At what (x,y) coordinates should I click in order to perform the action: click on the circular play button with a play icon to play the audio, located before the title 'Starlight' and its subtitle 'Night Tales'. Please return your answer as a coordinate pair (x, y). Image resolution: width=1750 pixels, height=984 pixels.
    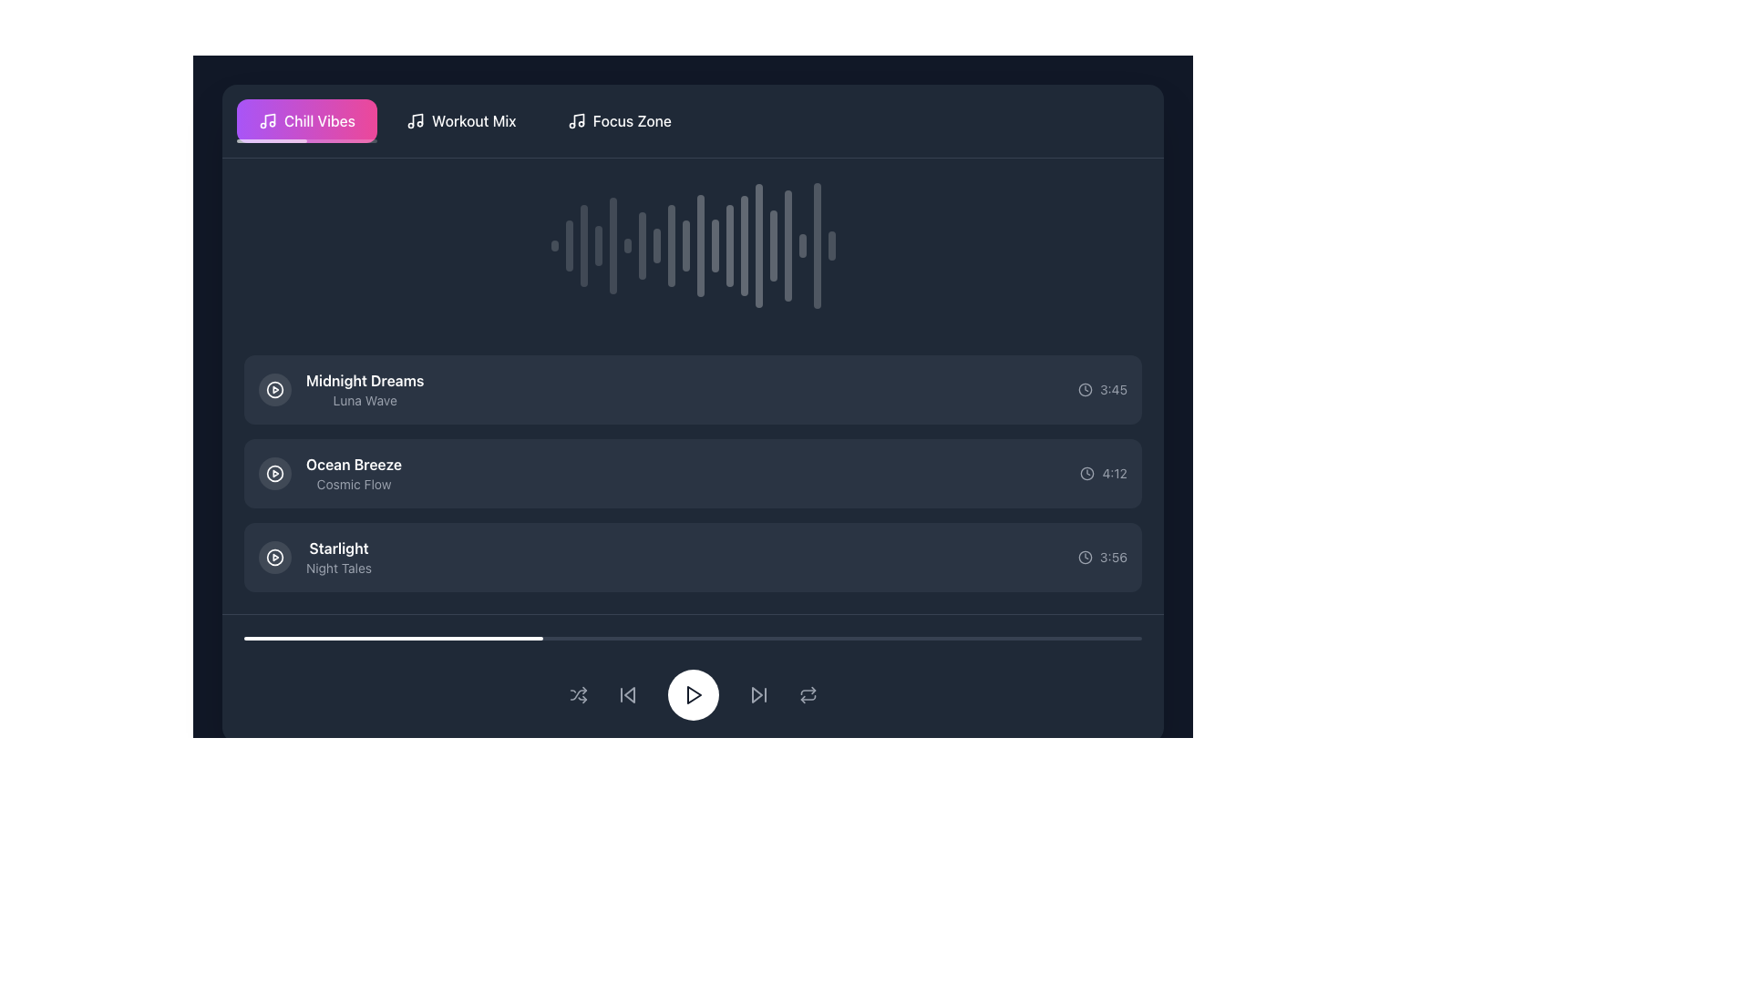
    Looking at the image, I should click on (274, 557).